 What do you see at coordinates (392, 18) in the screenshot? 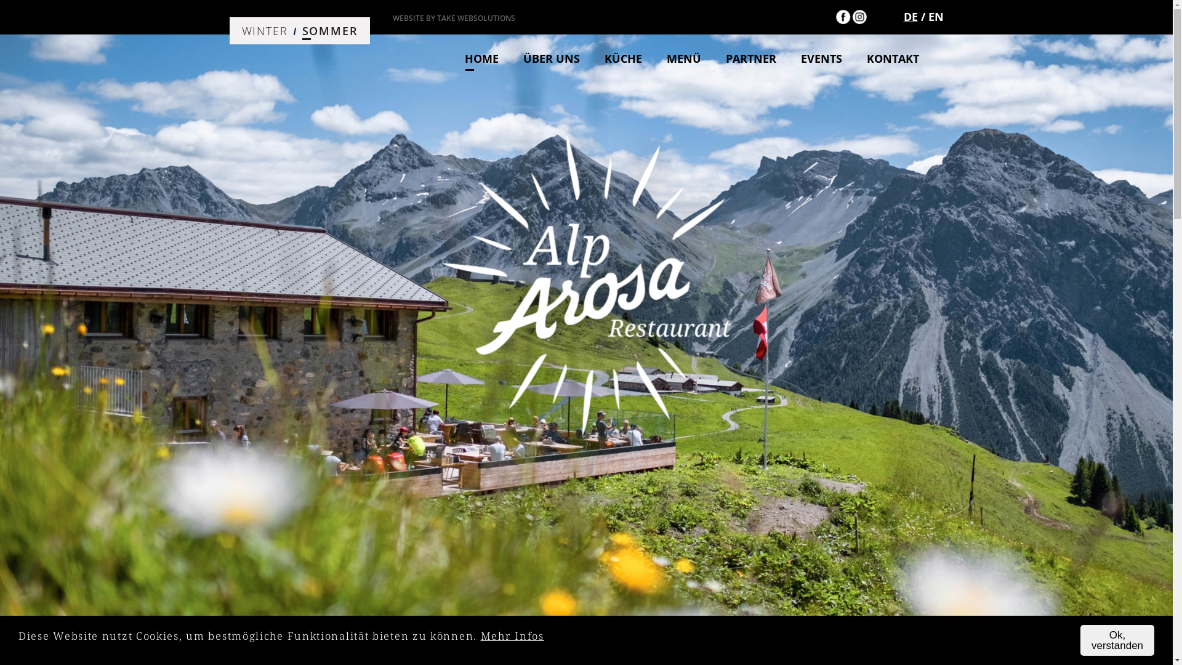
I see `'WEBSITE BY TAKE WEBSOLUTIONS'` at bounding box center [392, 18].